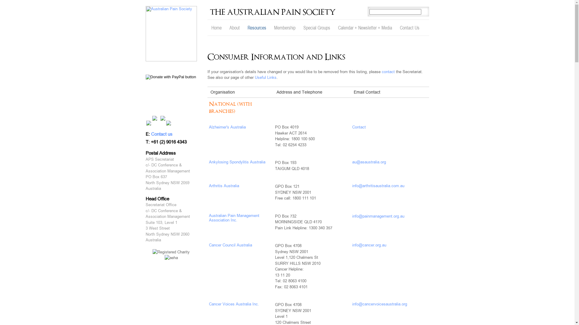  Describe the element at coordinates (233, 218) in the screenshot. I see `'Australian Pain Management Association Inc.'` at that location.